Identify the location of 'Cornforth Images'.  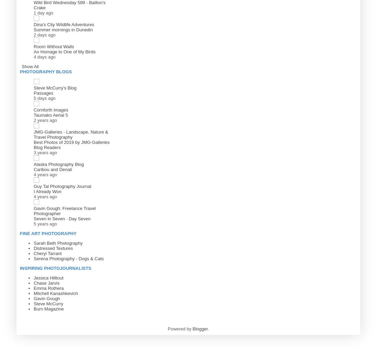
(34, 109).